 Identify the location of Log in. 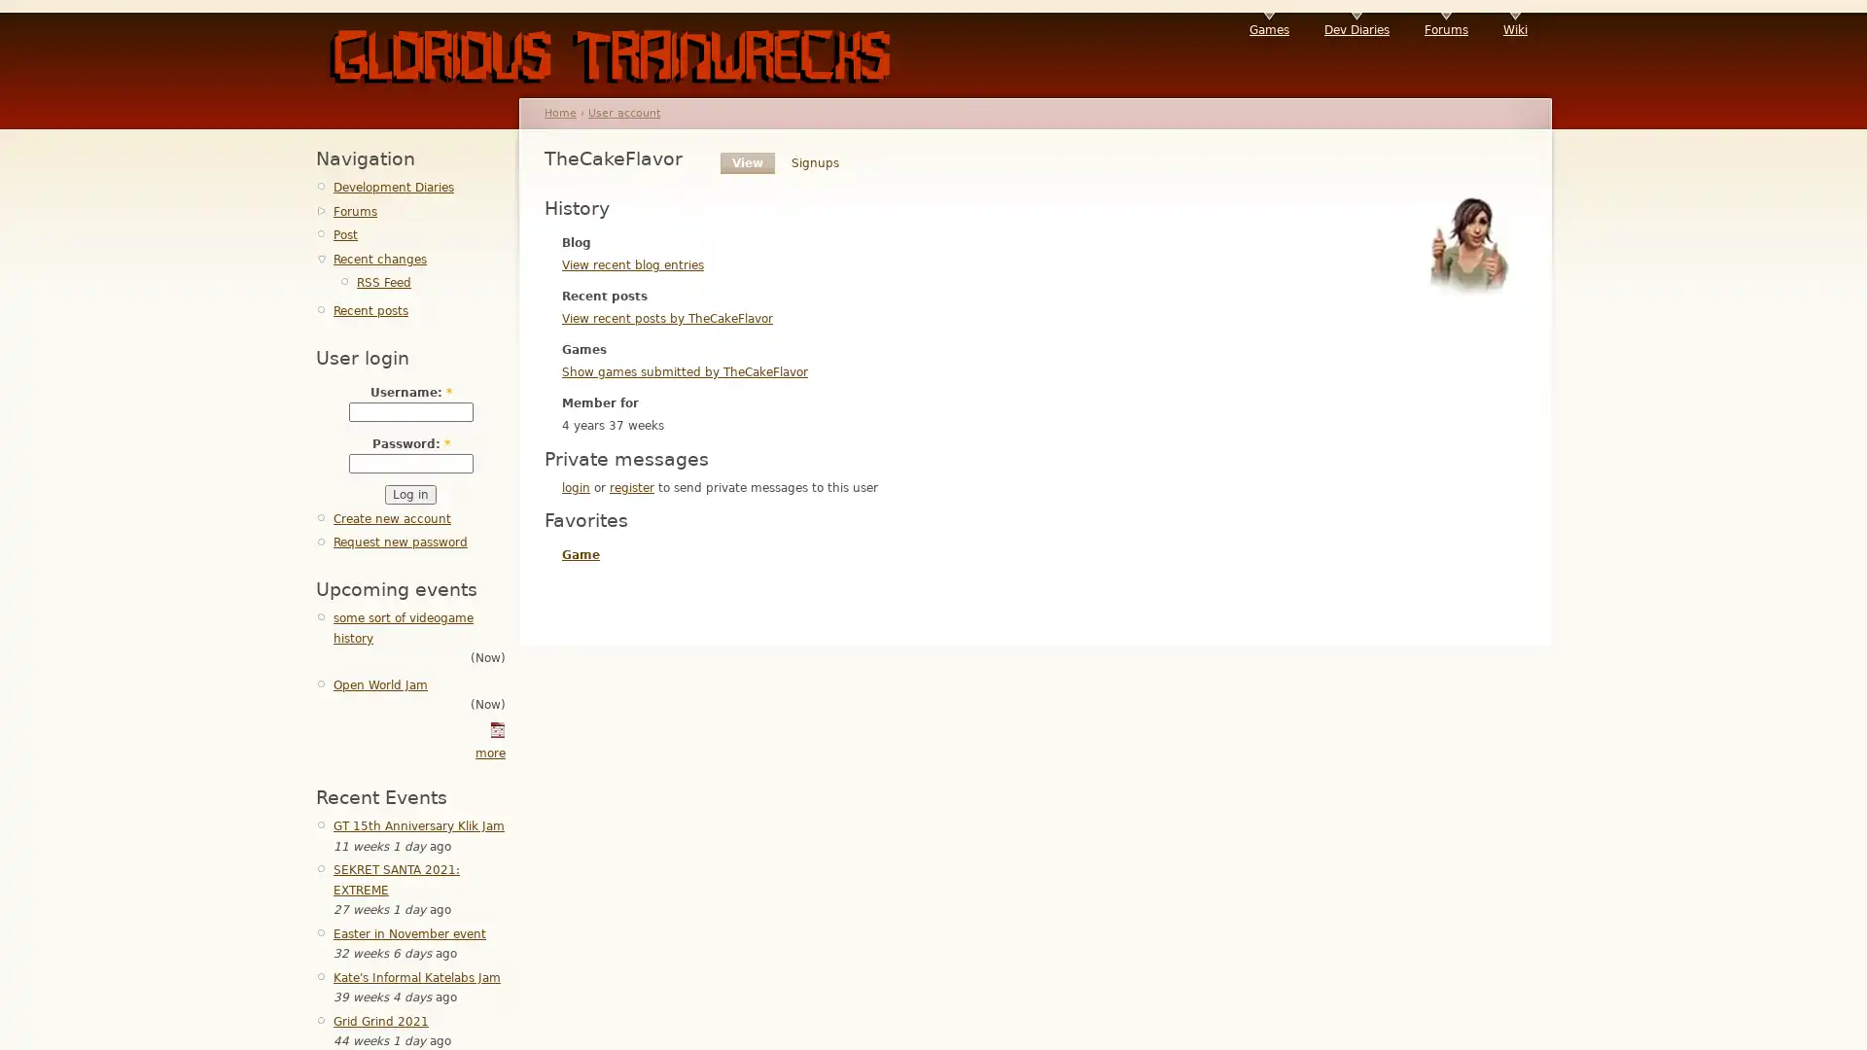
(409, 494).